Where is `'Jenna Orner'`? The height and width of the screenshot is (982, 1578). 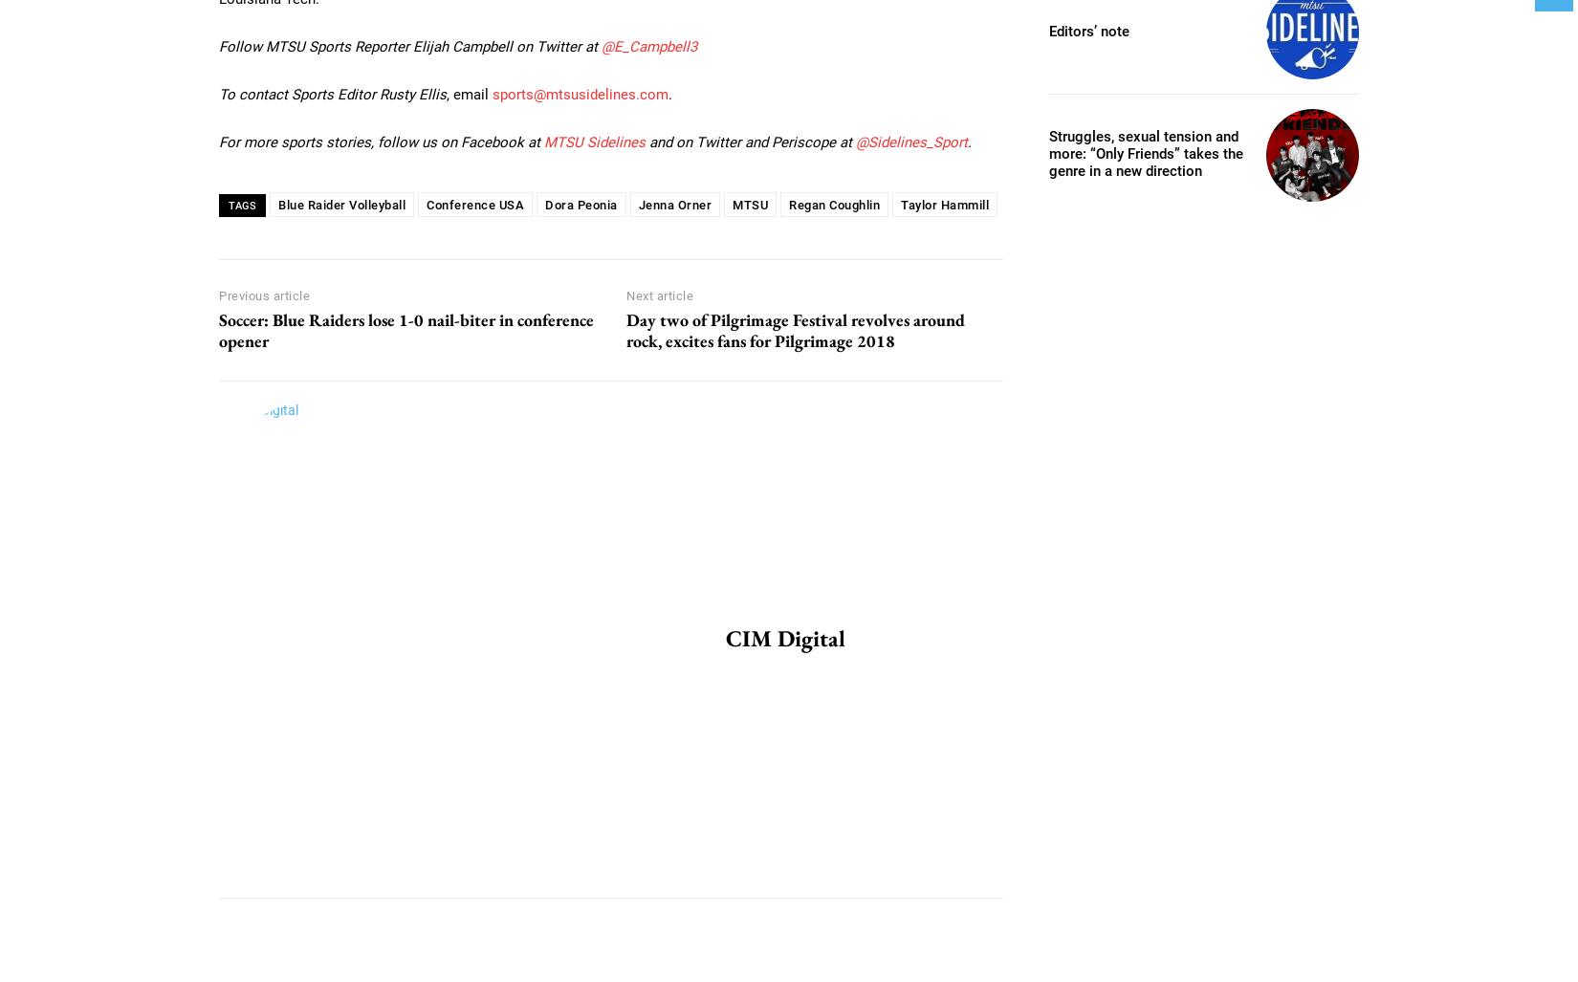 'Jenna Orner' is located at coordinates (673, 203).